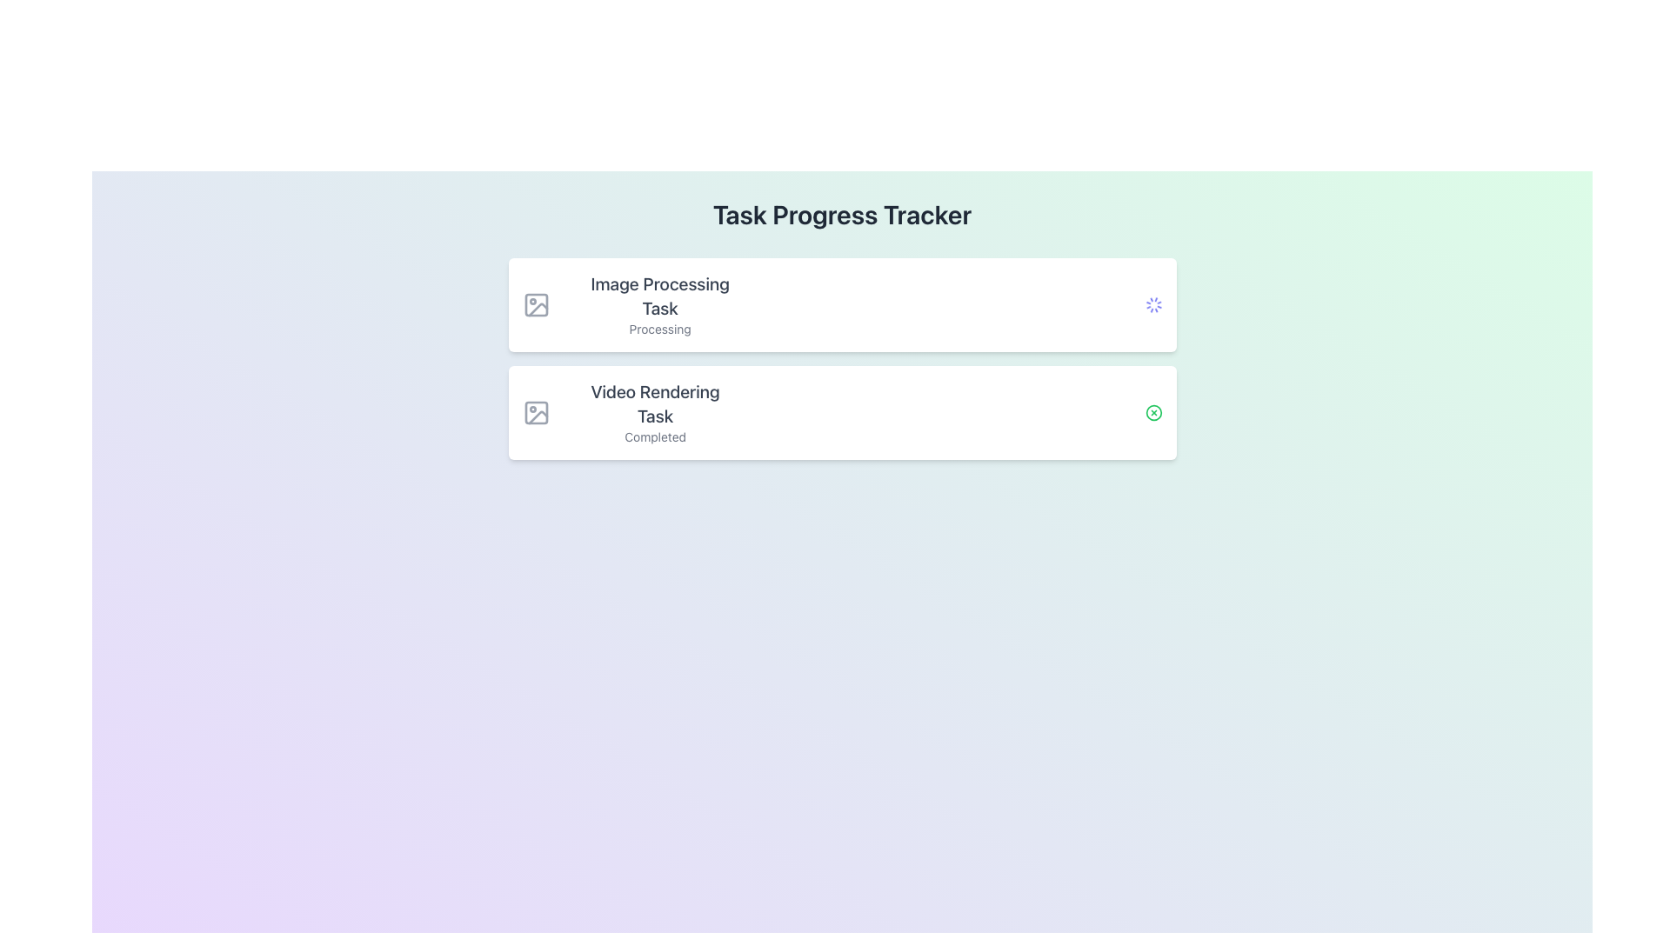 The width and height of the screenshot is (1670, 939). I want to click on the Loader Icon indicating the progress of the 'Image Processing Task' located at the top-right end of the first task card, so click(1153, 304).